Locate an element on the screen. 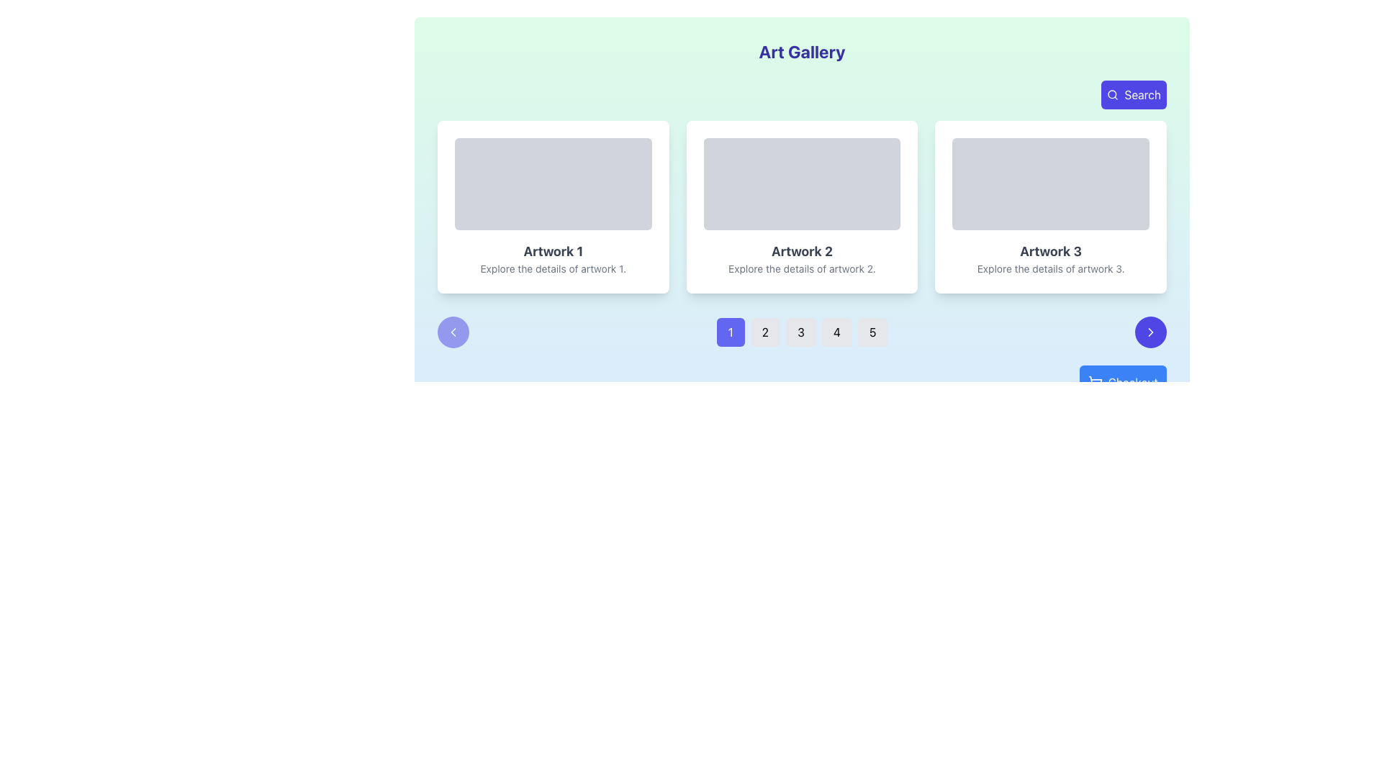  the search button located in the top-right corner of the main content area is located at coordinates (1133, 94).